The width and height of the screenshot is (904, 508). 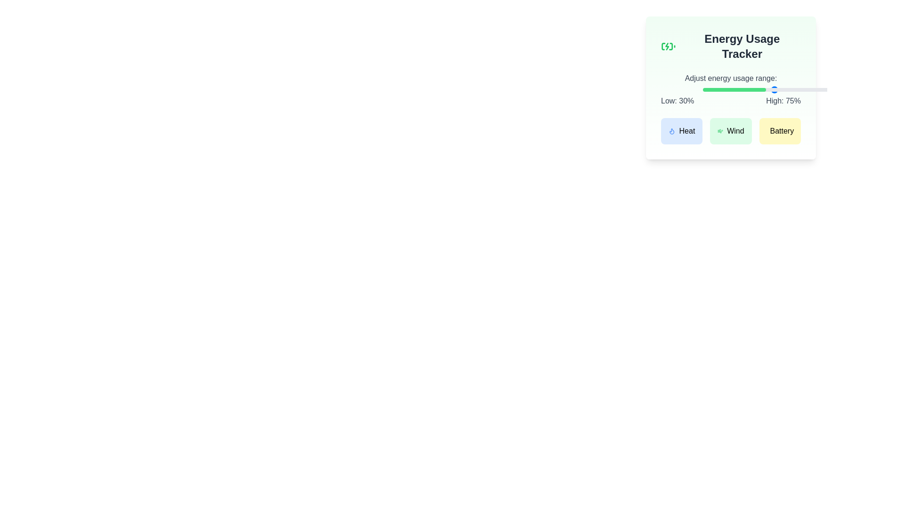 I want to click on the energy usage range, so click(x=787, y=90).